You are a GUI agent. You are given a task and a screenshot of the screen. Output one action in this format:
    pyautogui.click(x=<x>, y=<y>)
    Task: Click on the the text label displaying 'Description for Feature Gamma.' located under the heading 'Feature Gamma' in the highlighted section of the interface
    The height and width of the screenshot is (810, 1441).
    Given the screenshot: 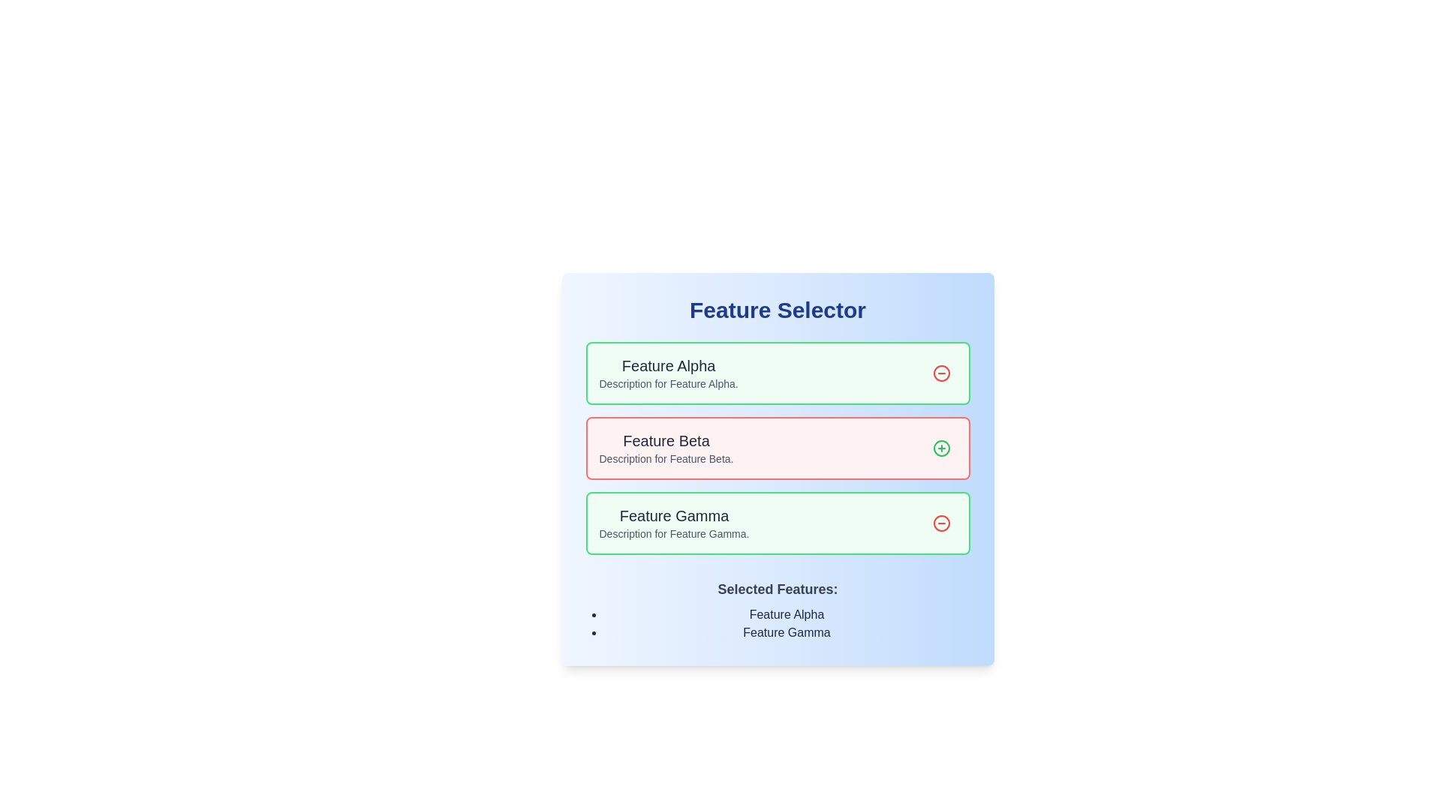 What is the action you would take?
    pyautogui.click(x=673, y=533)
    